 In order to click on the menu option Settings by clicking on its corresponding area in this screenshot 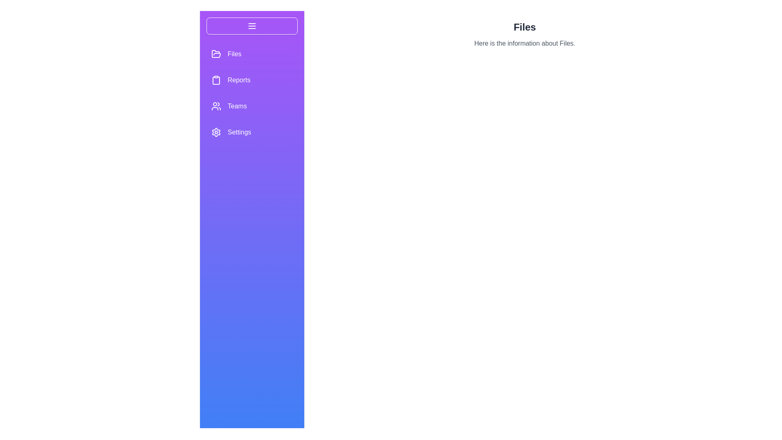, I will do `click(252, 132)`.